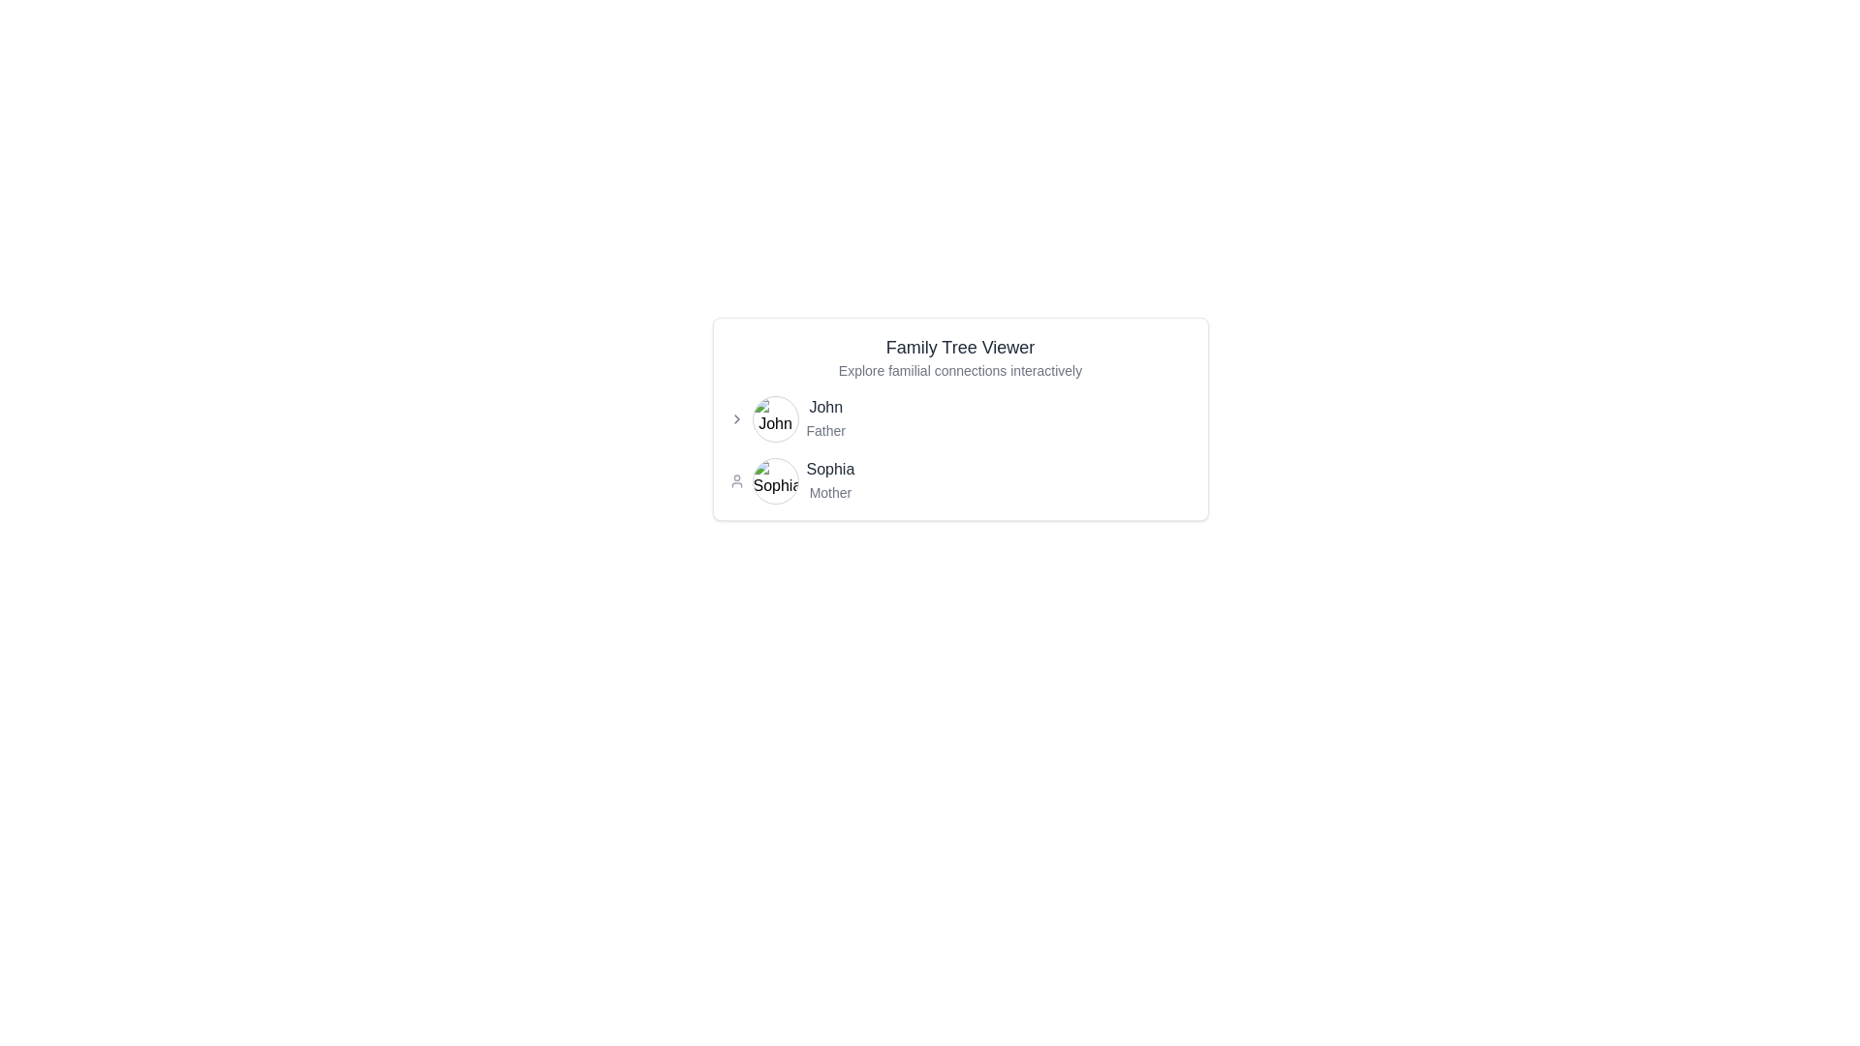 This screenshot has height=1046, width=1860. What do you see at coordinates (960, 370) in the screenshot?
I see `the Text Label that serves as a subheading for the 'Family Tree Viewer', positioned directly below it and above the list of familial connections` at bounding box center [960, 370].